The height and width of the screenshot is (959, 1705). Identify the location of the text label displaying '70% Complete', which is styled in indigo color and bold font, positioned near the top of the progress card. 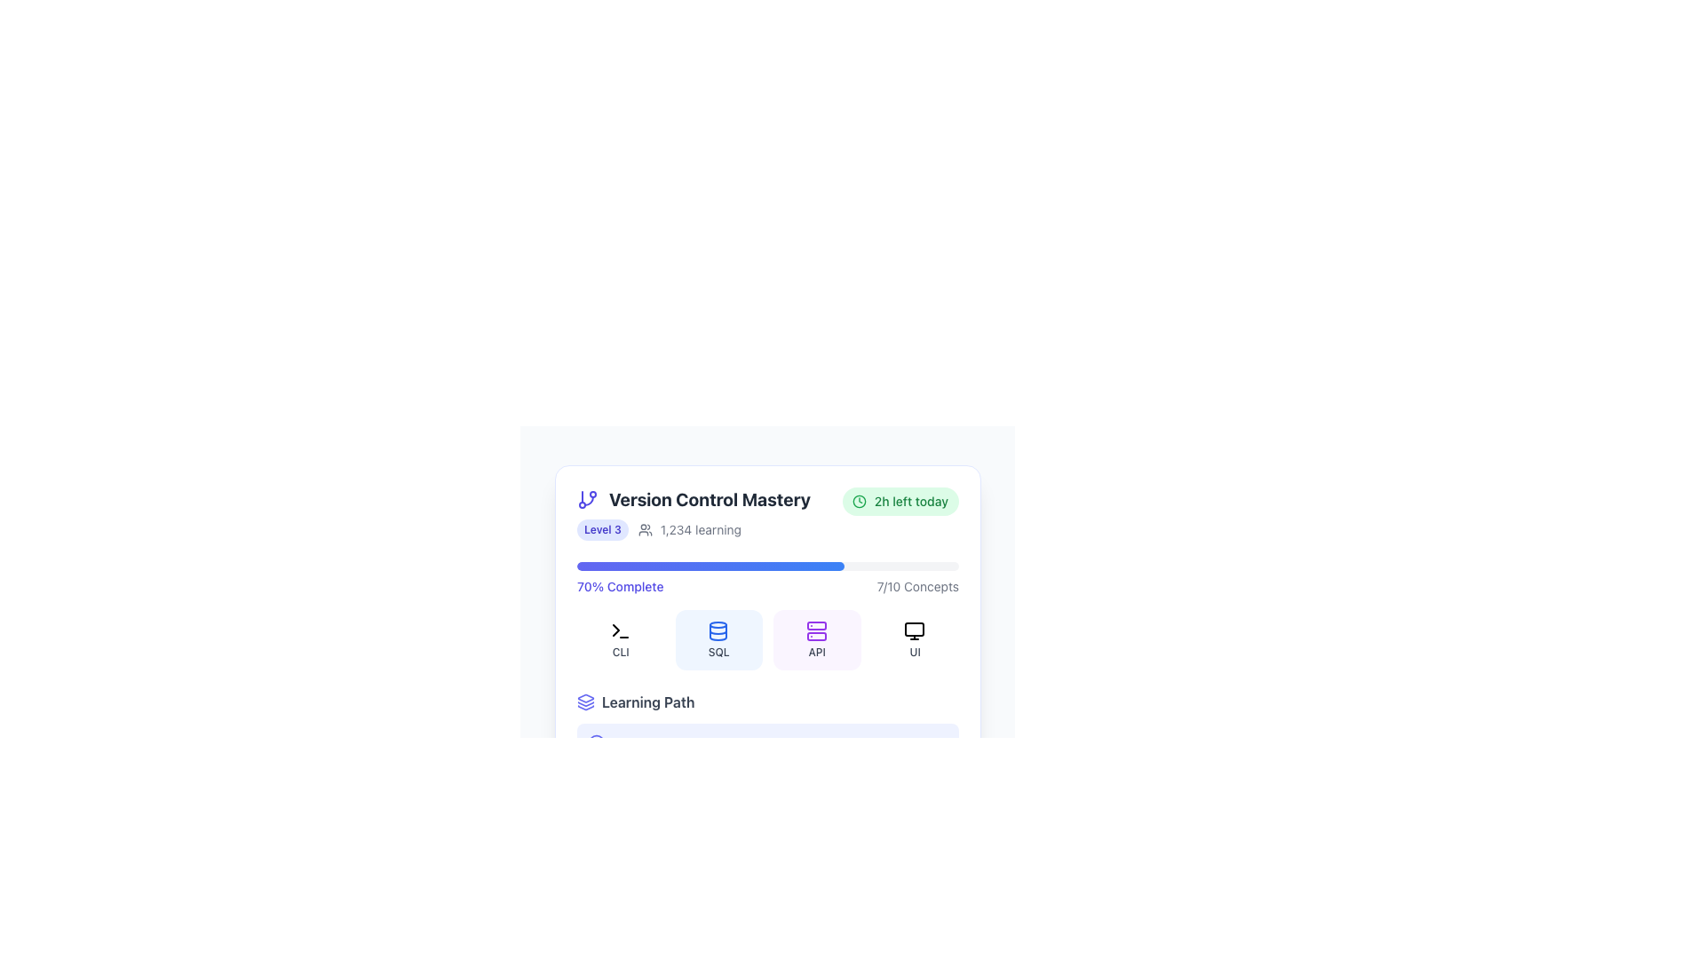
(620, 586).